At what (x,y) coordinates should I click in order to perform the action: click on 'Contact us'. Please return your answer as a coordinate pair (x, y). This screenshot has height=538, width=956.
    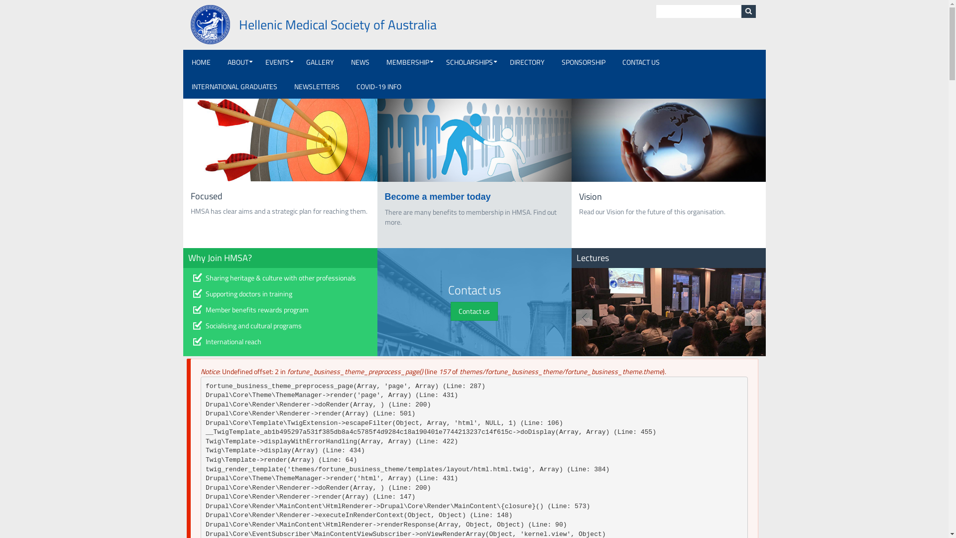
    Looking at the image, I should click on (474, 310).